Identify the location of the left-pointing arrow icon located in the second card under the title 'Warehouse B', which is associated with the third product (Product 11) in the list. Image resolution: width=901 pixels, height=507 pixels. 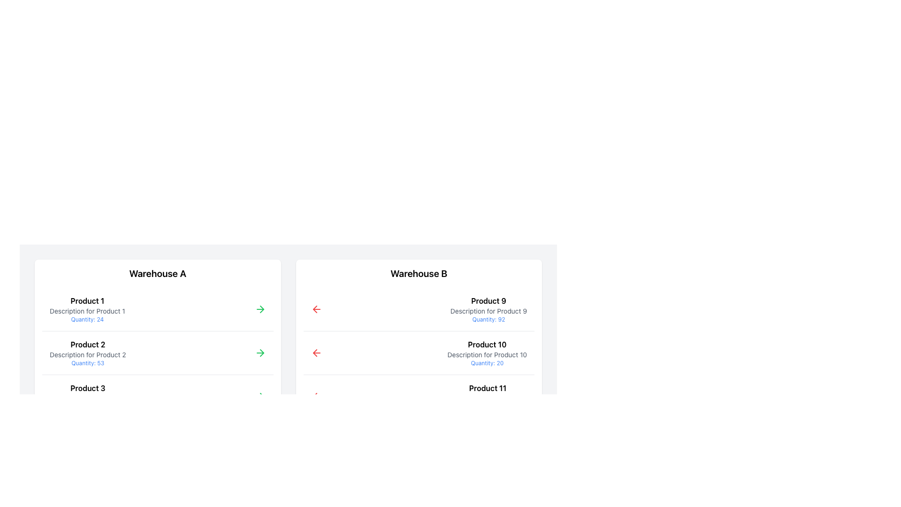
(315, 396).